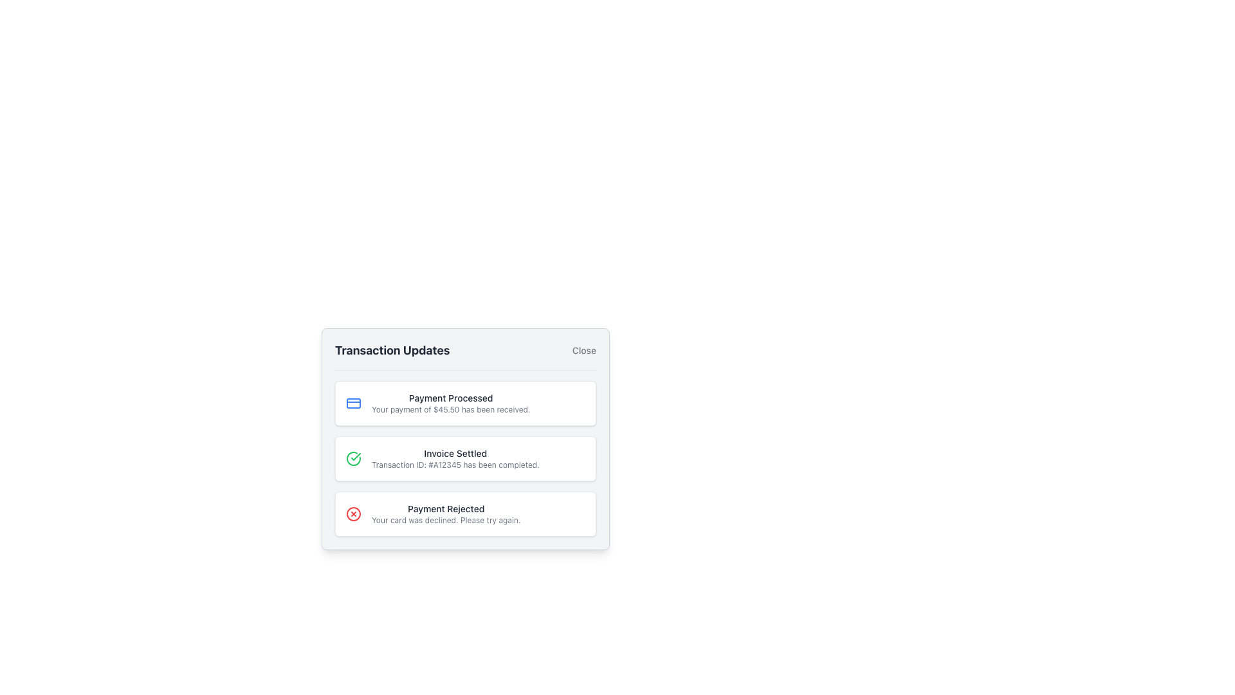 Image resolution: width=1235 pixels, height=695 pixels. What do you see at coordinates (446, 520) in the screenshot?
I see `text content of the small-sized text snippet that says 'Your card was declined. Please try again.' which is positioned below the 'Payment Rejected' heading in the transaction updates section` at bounding box center [446, 520].